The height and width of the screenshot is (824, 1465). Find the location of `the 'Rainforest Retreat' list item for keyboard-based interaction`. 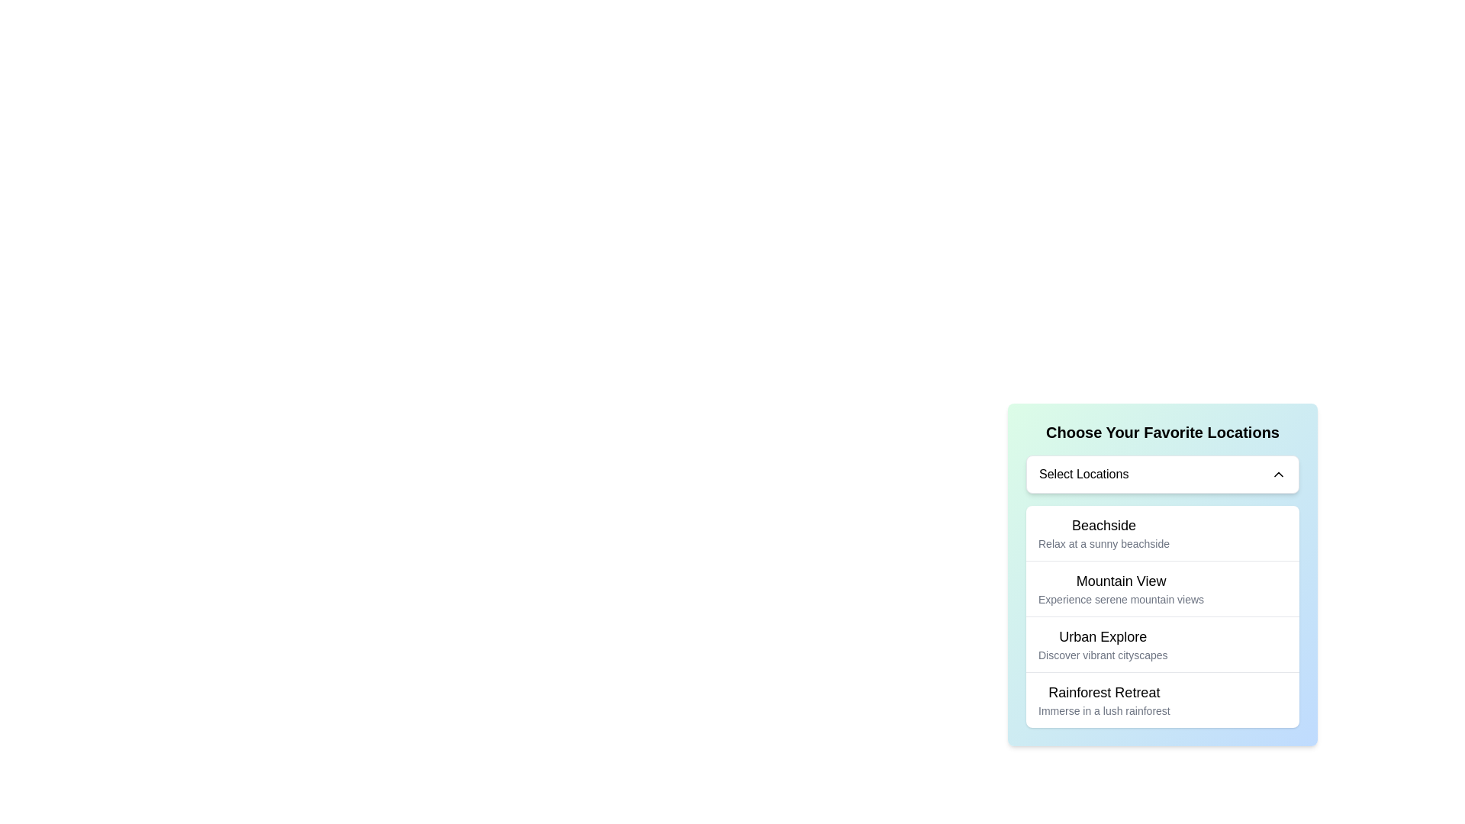

the 'Rainforest Retreat' list item for keyboard-based interaction is located at coordinates (1161, 700).